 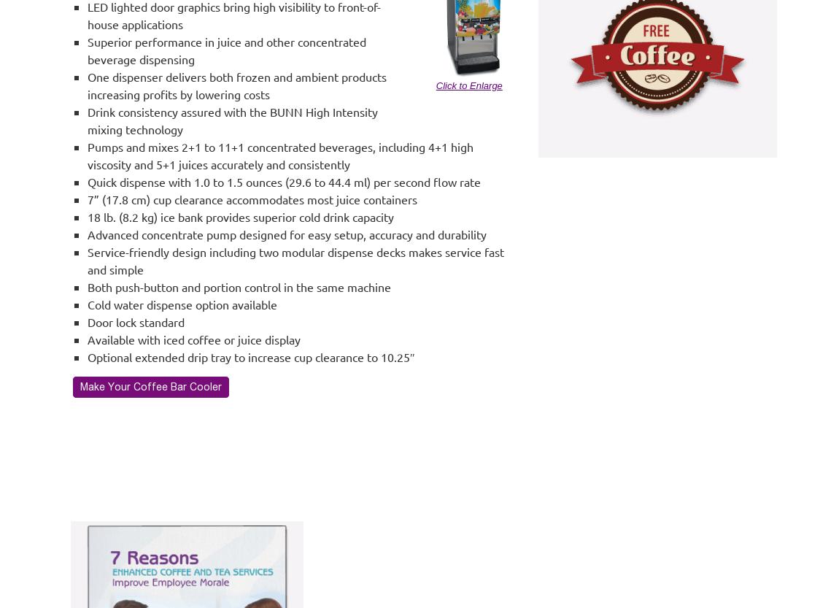 What do you see at coordinates (252, 199) in the screenshot?
I see `'7” (17.8 cm) cup clearance accommodates most juice containers'` at bounding box center [252, 199].